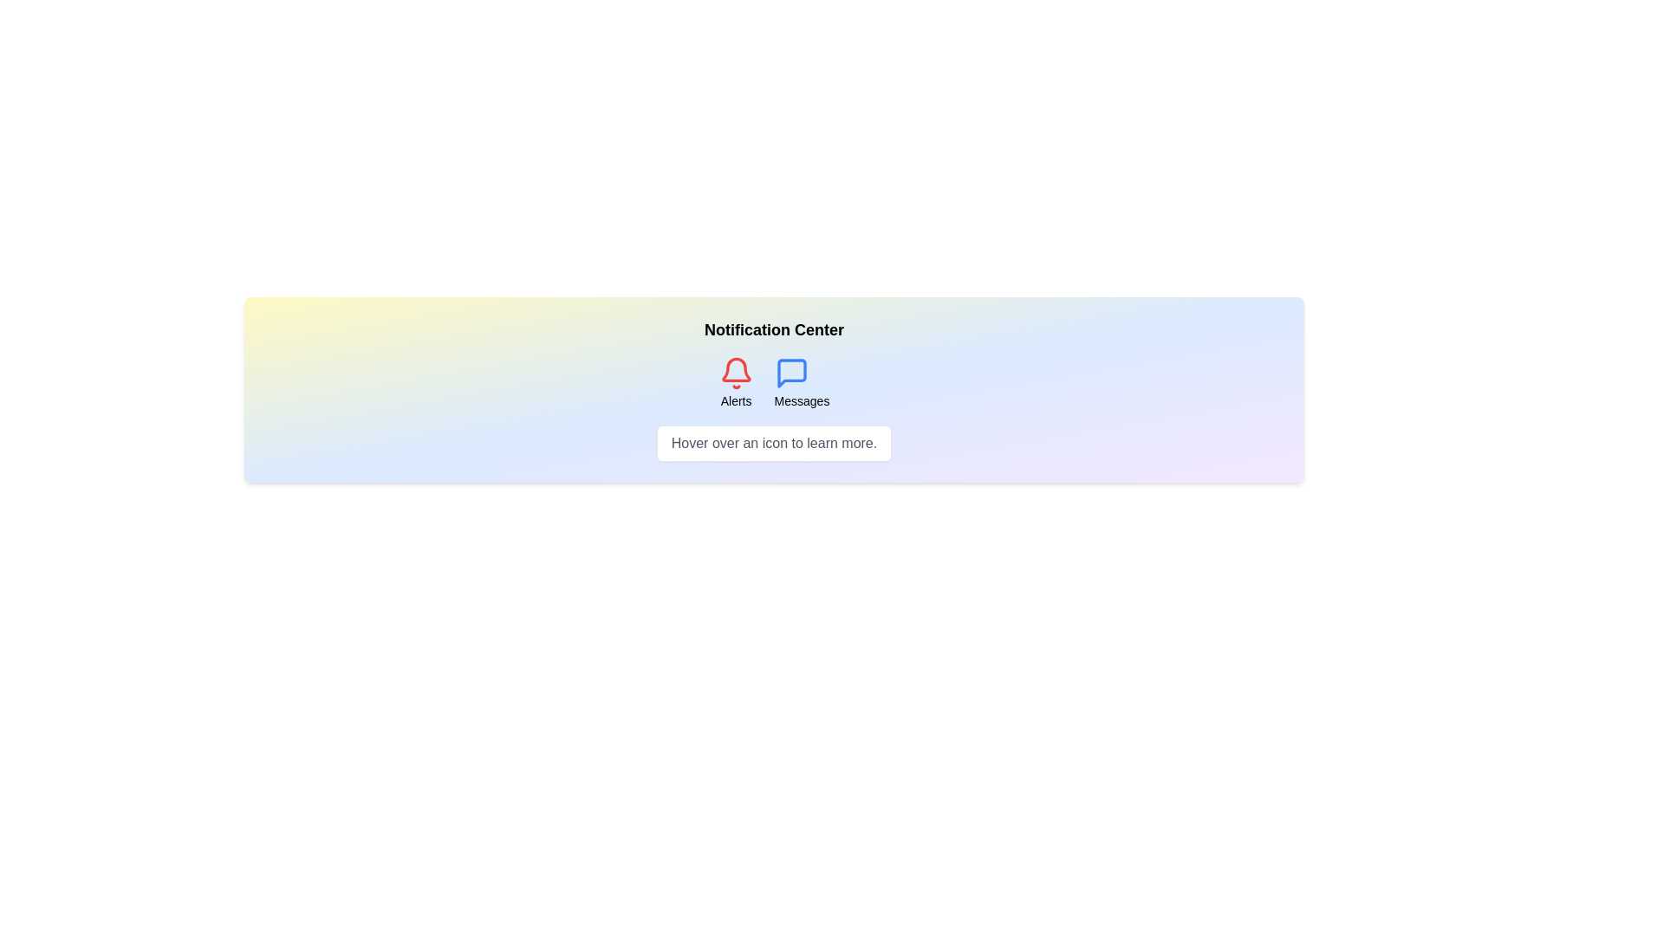  I want to click on the alert notification icon located in the upper central section of the interface, to the left of the 'Messages' component, so click(736, 383).